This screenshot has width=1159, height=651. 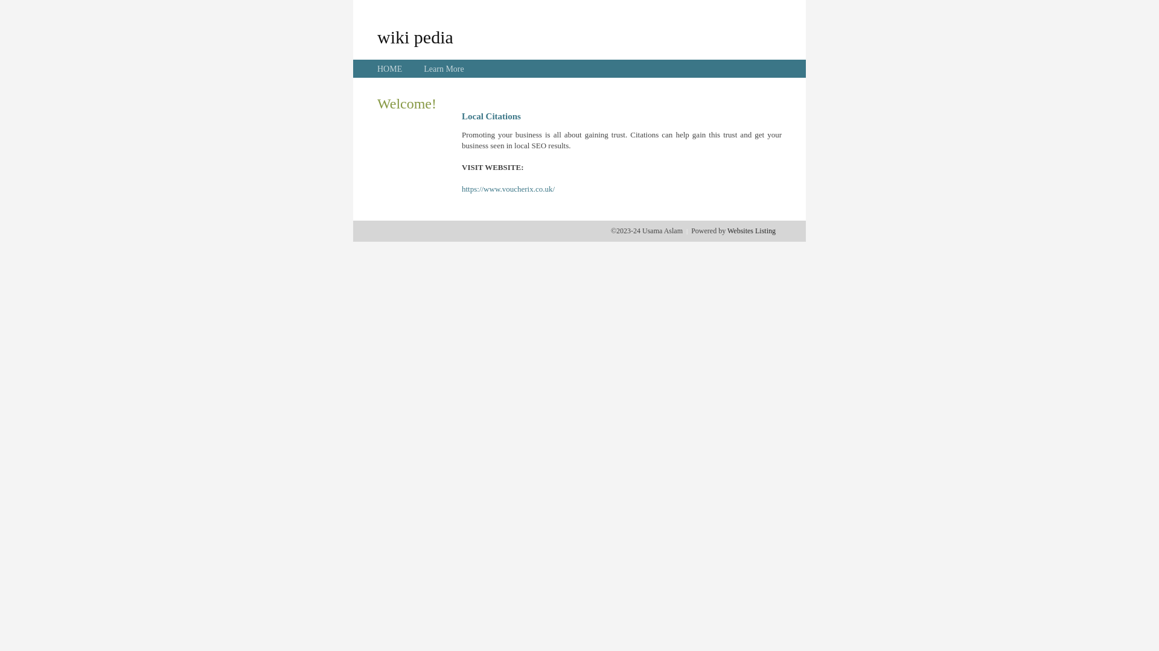 I want to click on 'HOME', so click(x=389, y=69).